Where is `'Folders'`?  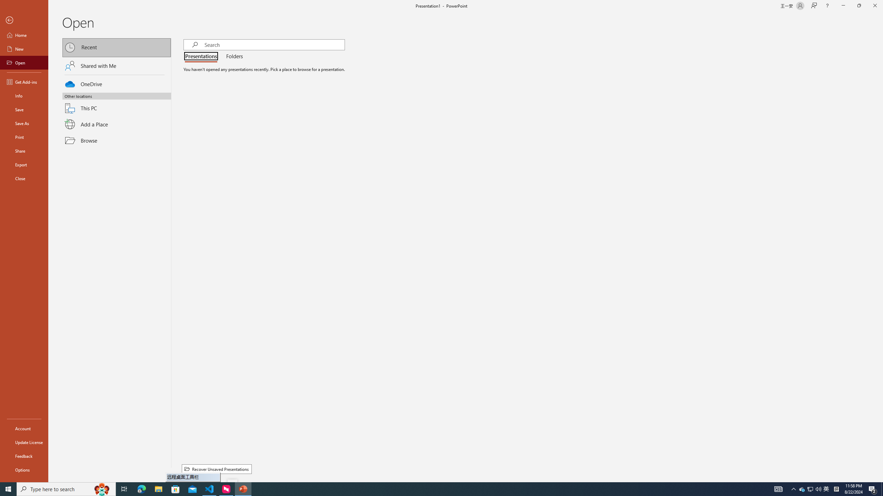
'Folders' is located at coordinates (232, 56).